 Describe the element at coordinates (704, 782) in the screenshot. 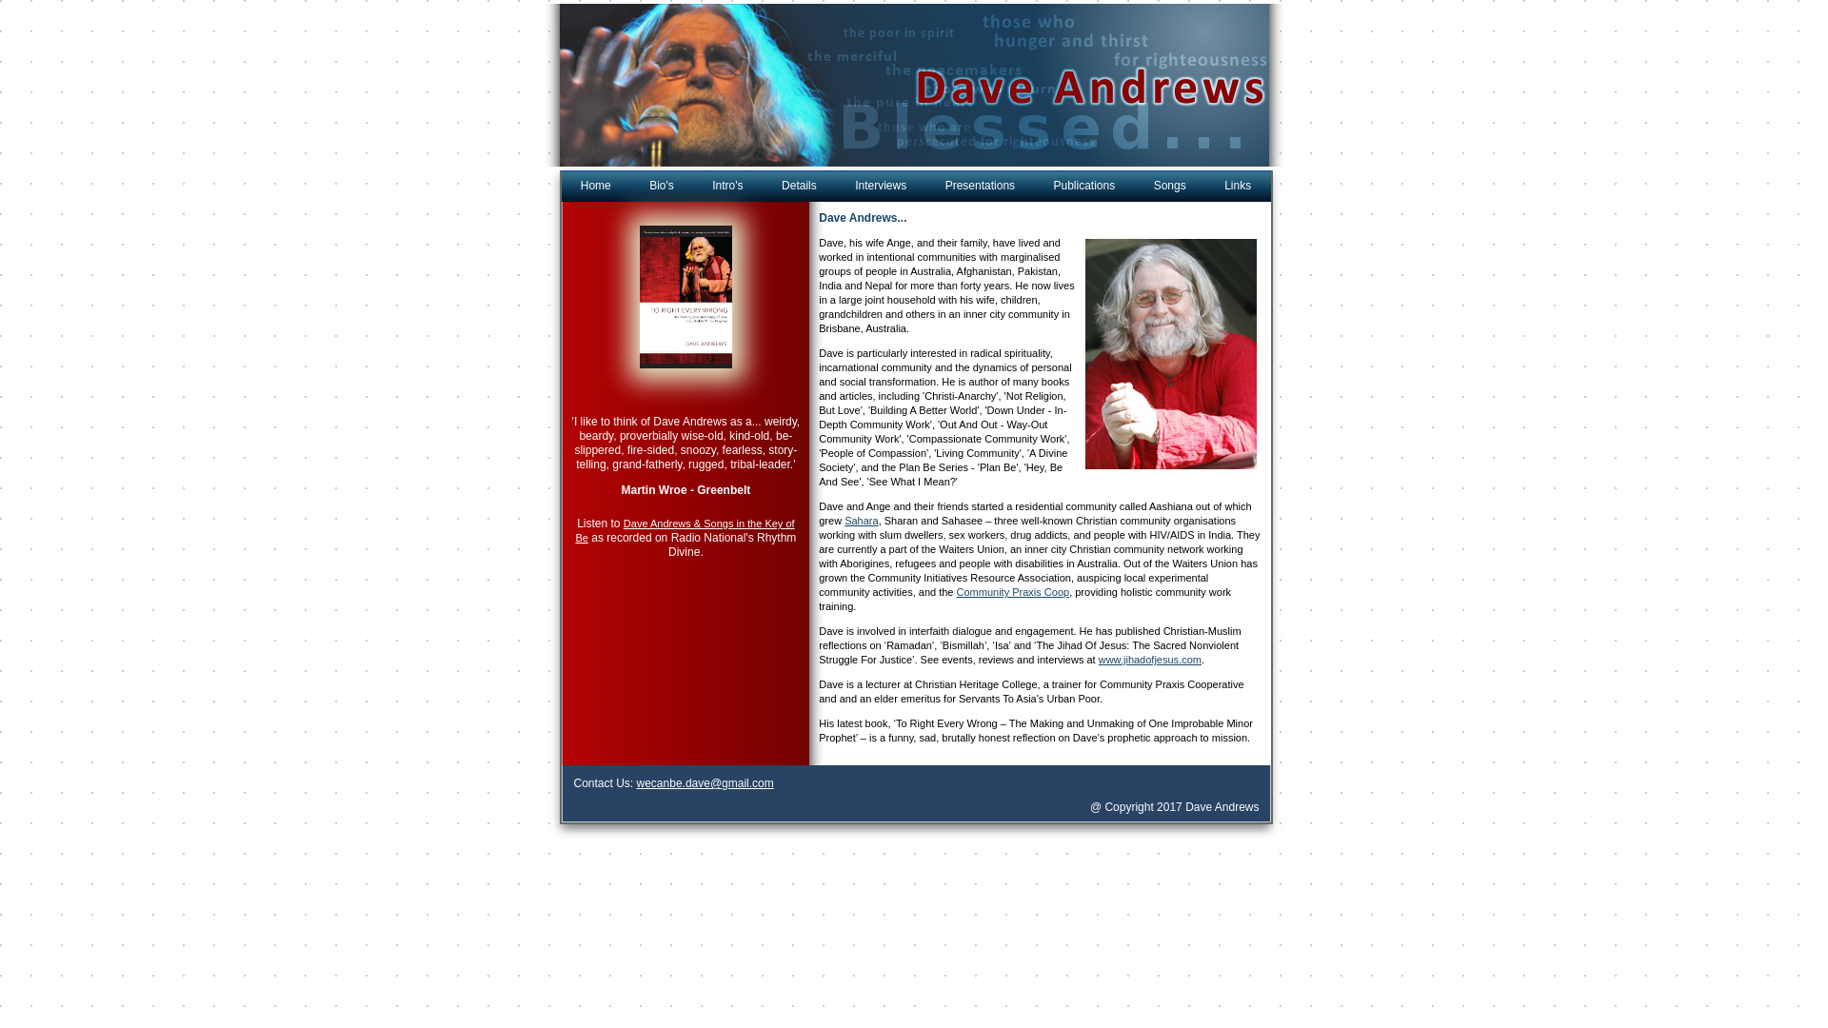

I see `'wecanbe.dave@gmail.com'` at that location.